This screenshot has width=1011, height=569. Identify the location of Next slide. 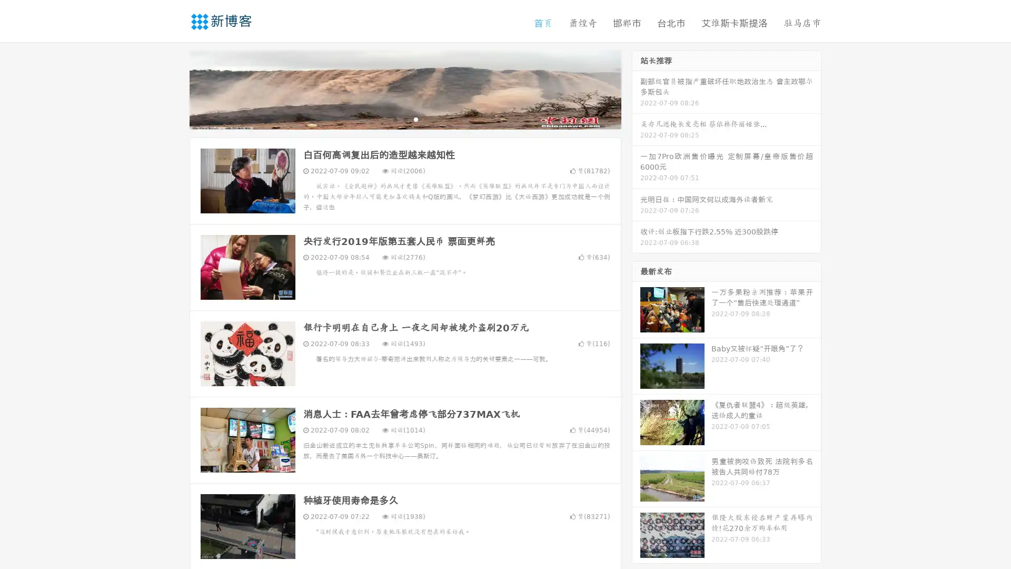
(636, 89).